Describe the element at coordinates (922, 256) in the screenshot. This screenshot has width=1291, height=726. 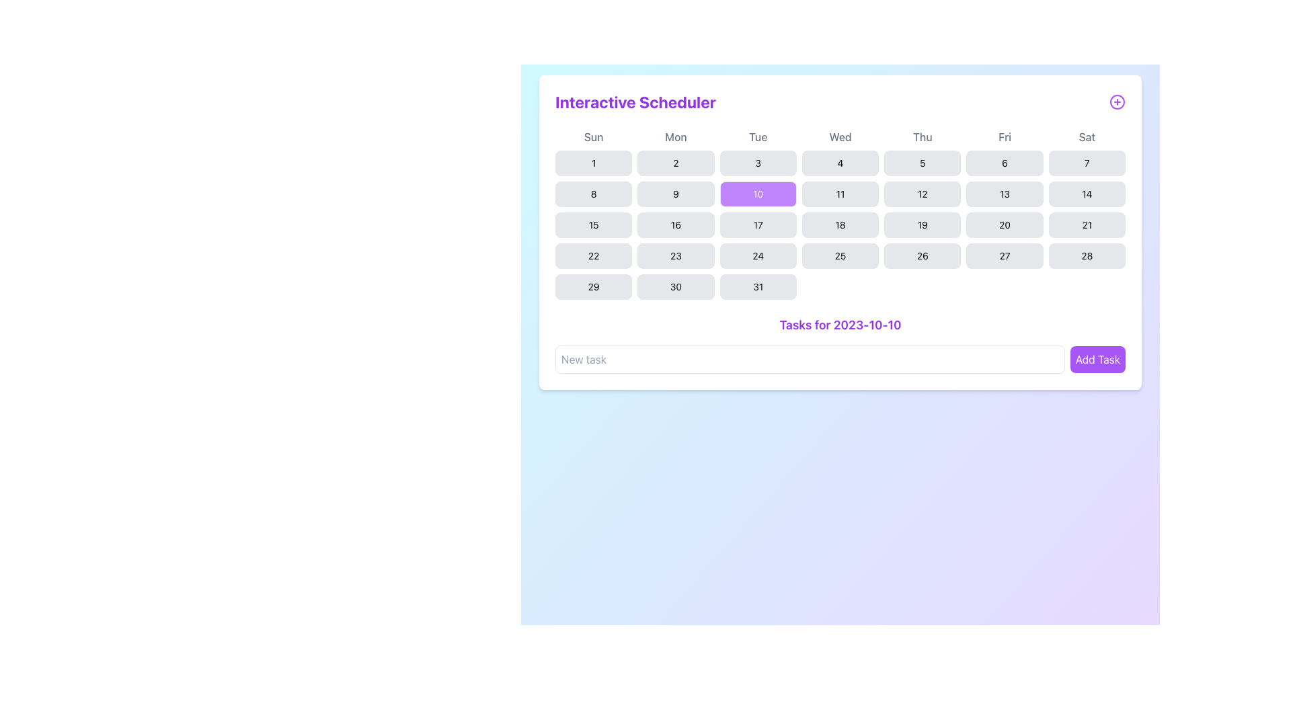
I see `the button representing the date '26' in the calendar interface` at that location.